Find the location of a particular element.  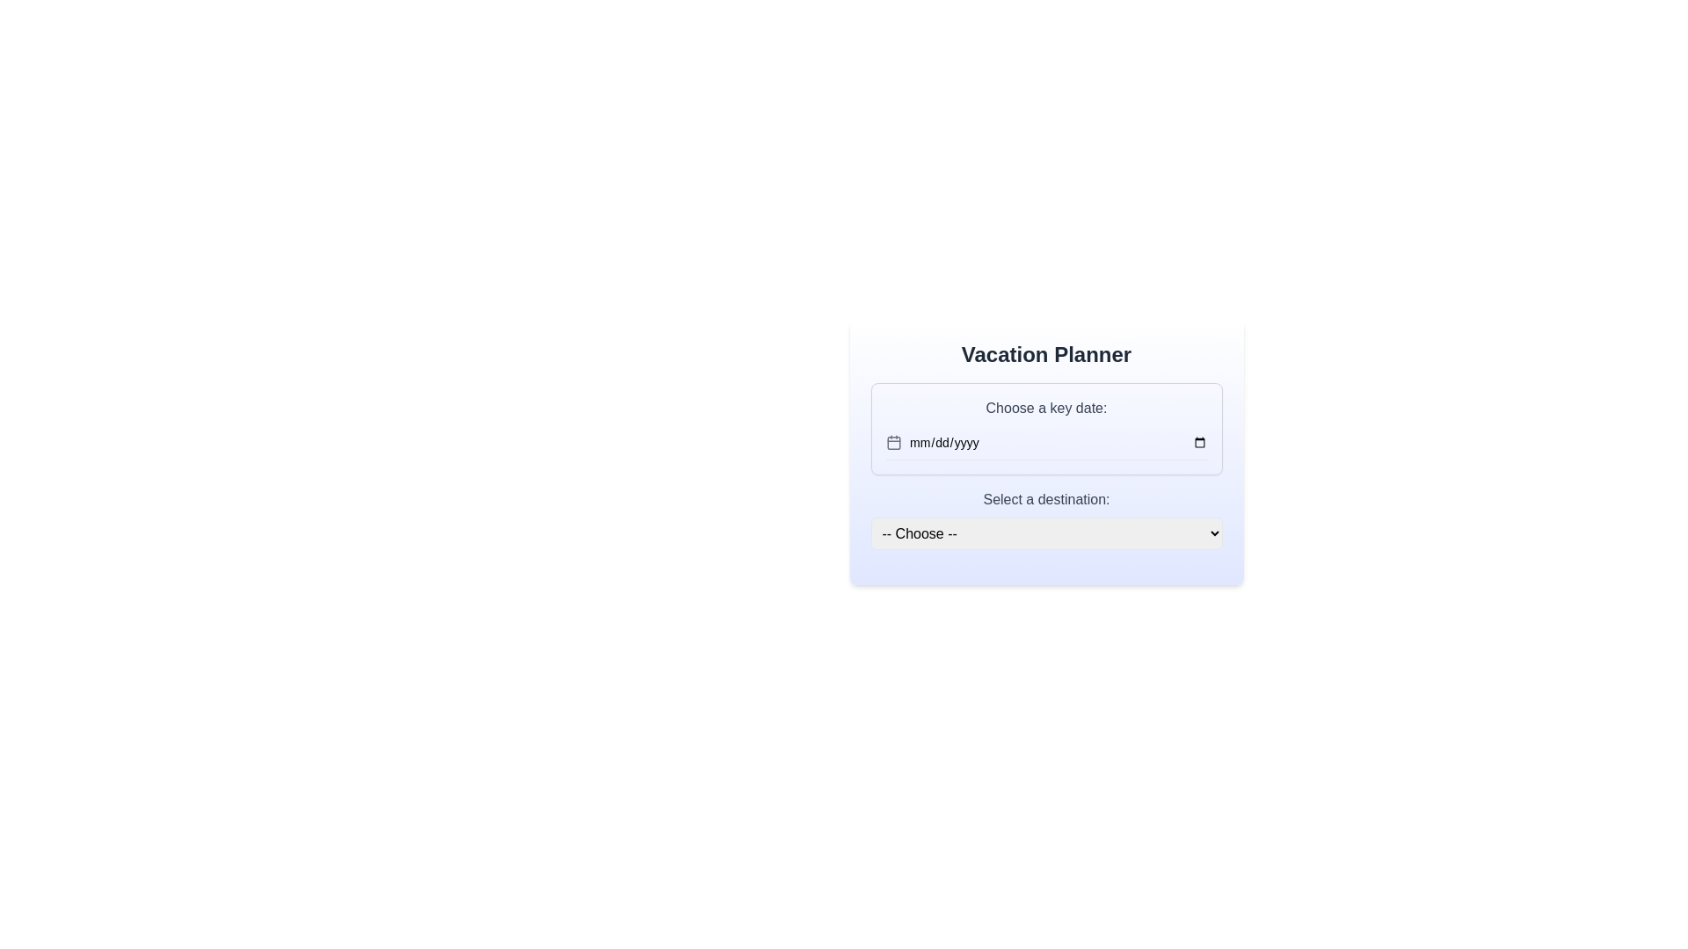

an option from the dropdown menu labeled 'Select a destination:' in the 'Vacation Planner' interface is located at coordinates (1046, 518).